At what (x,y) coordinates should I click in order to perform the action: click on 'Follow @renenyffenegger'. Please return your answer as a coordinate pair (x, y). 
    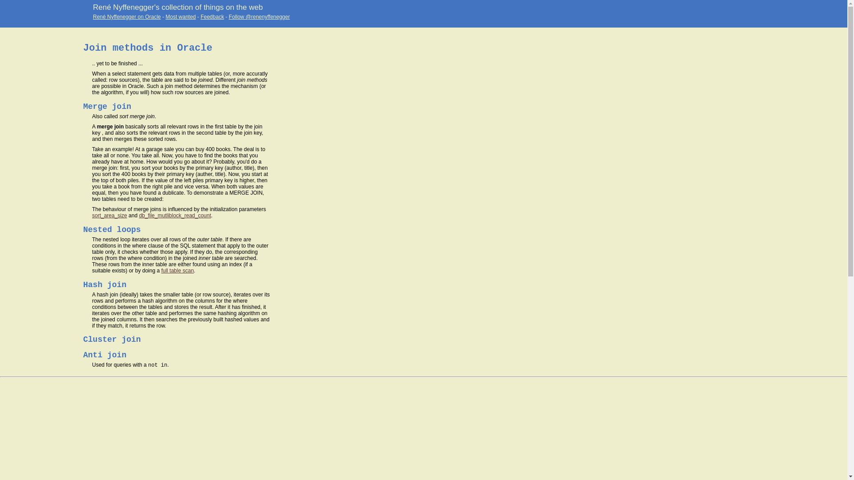
    Looking at the image, I should click on (258, 17).